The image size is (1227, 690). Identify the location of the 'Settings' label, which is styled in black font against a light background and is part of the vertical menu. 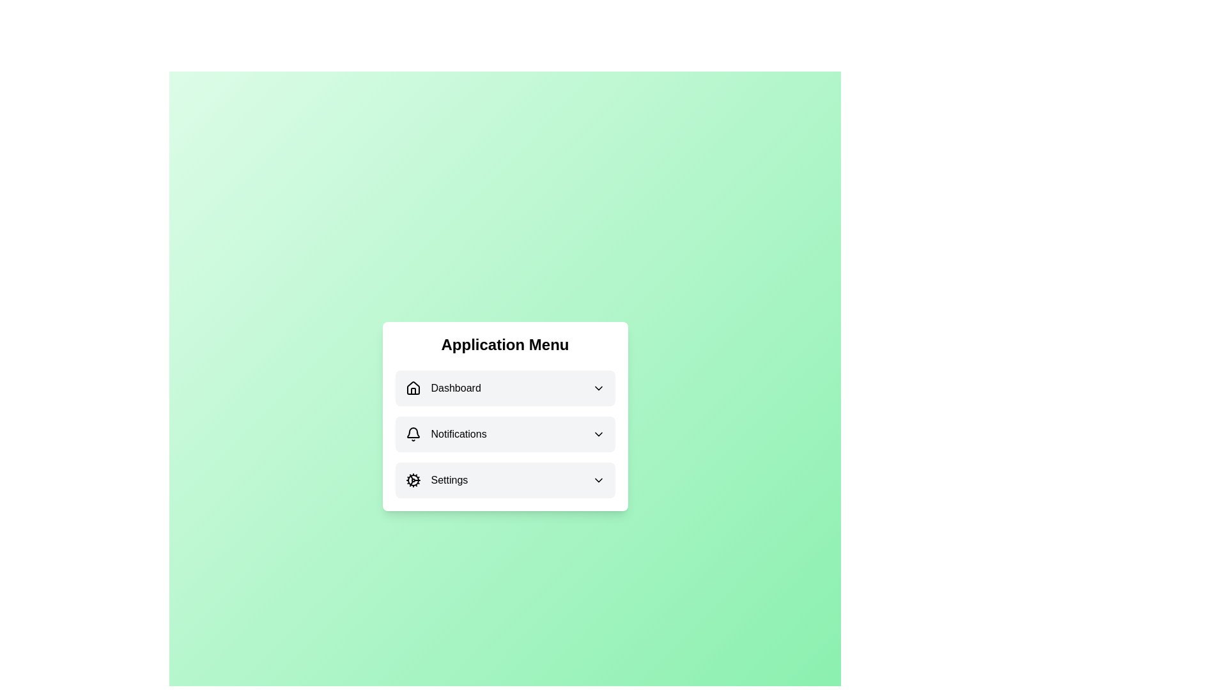
(449, 480).